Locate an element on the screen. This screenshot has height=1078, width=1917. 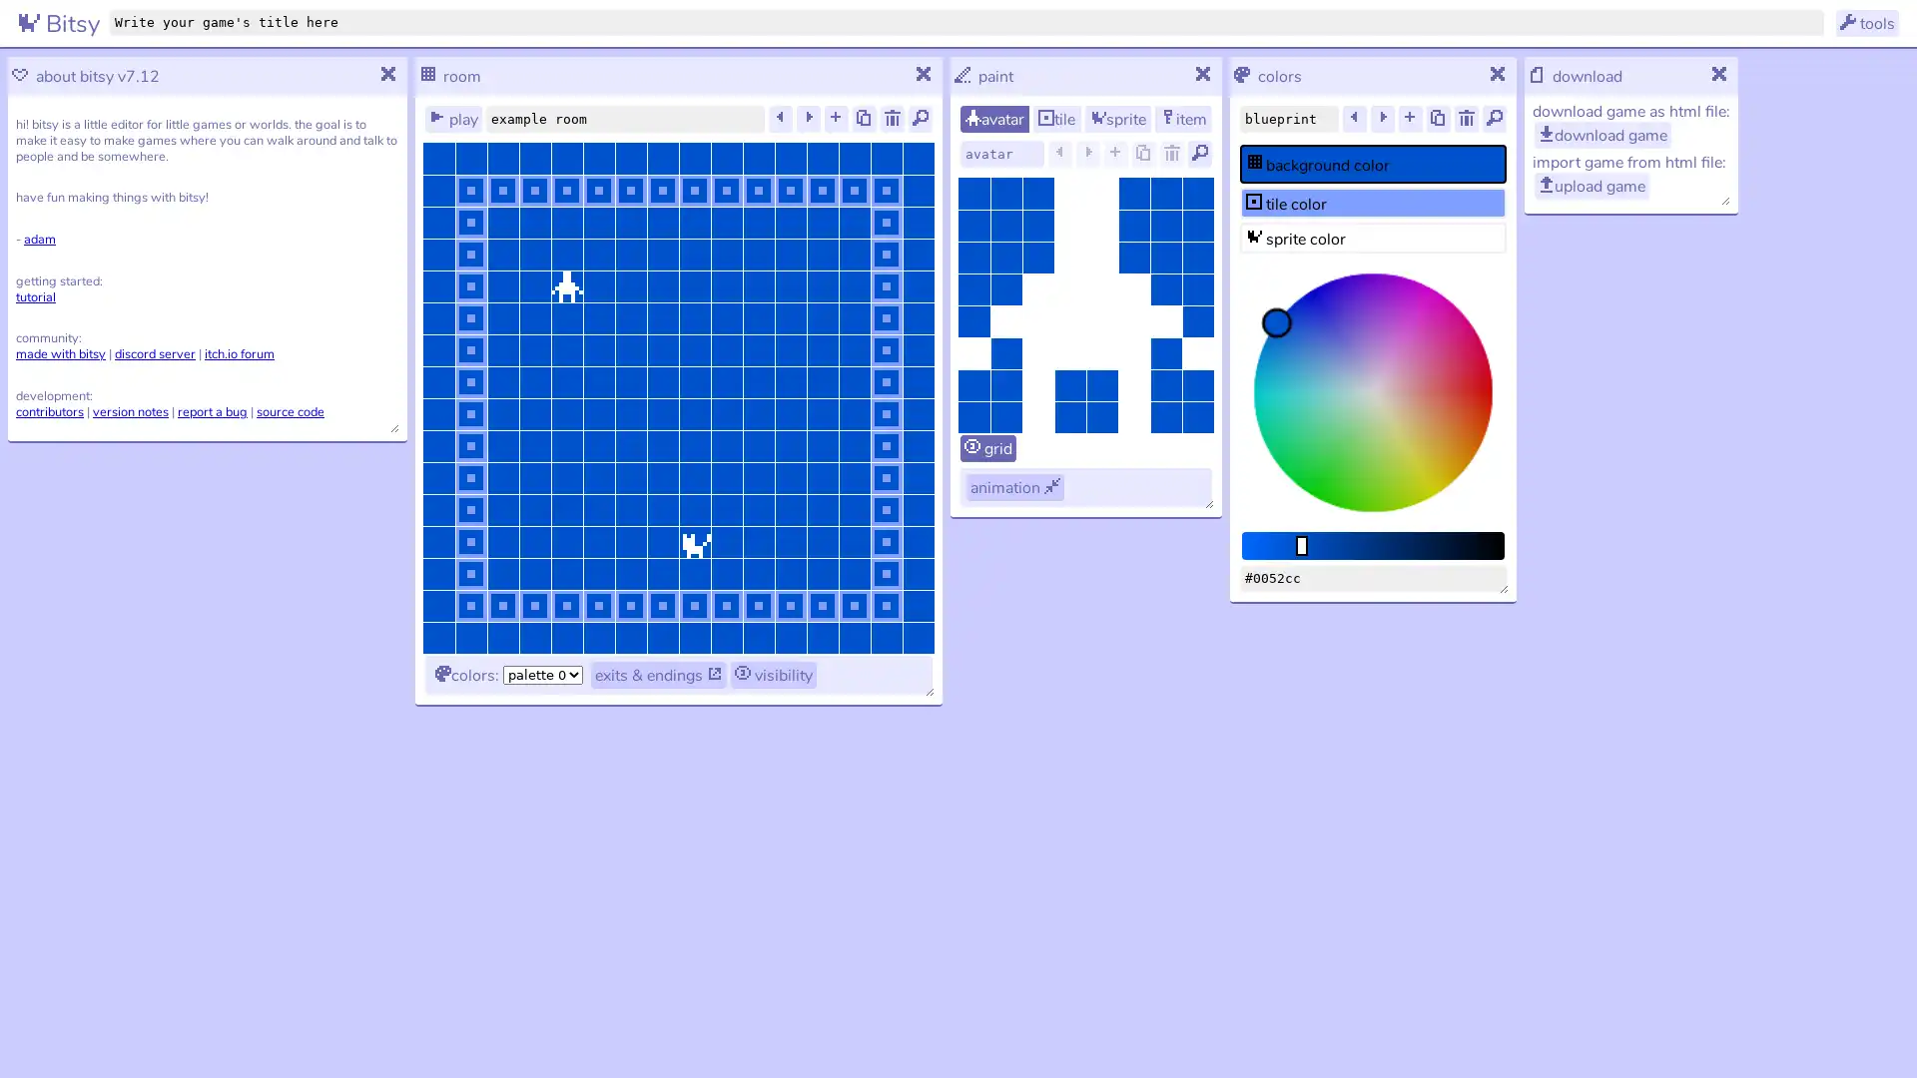
delete room is located at coordinates (891, 119).